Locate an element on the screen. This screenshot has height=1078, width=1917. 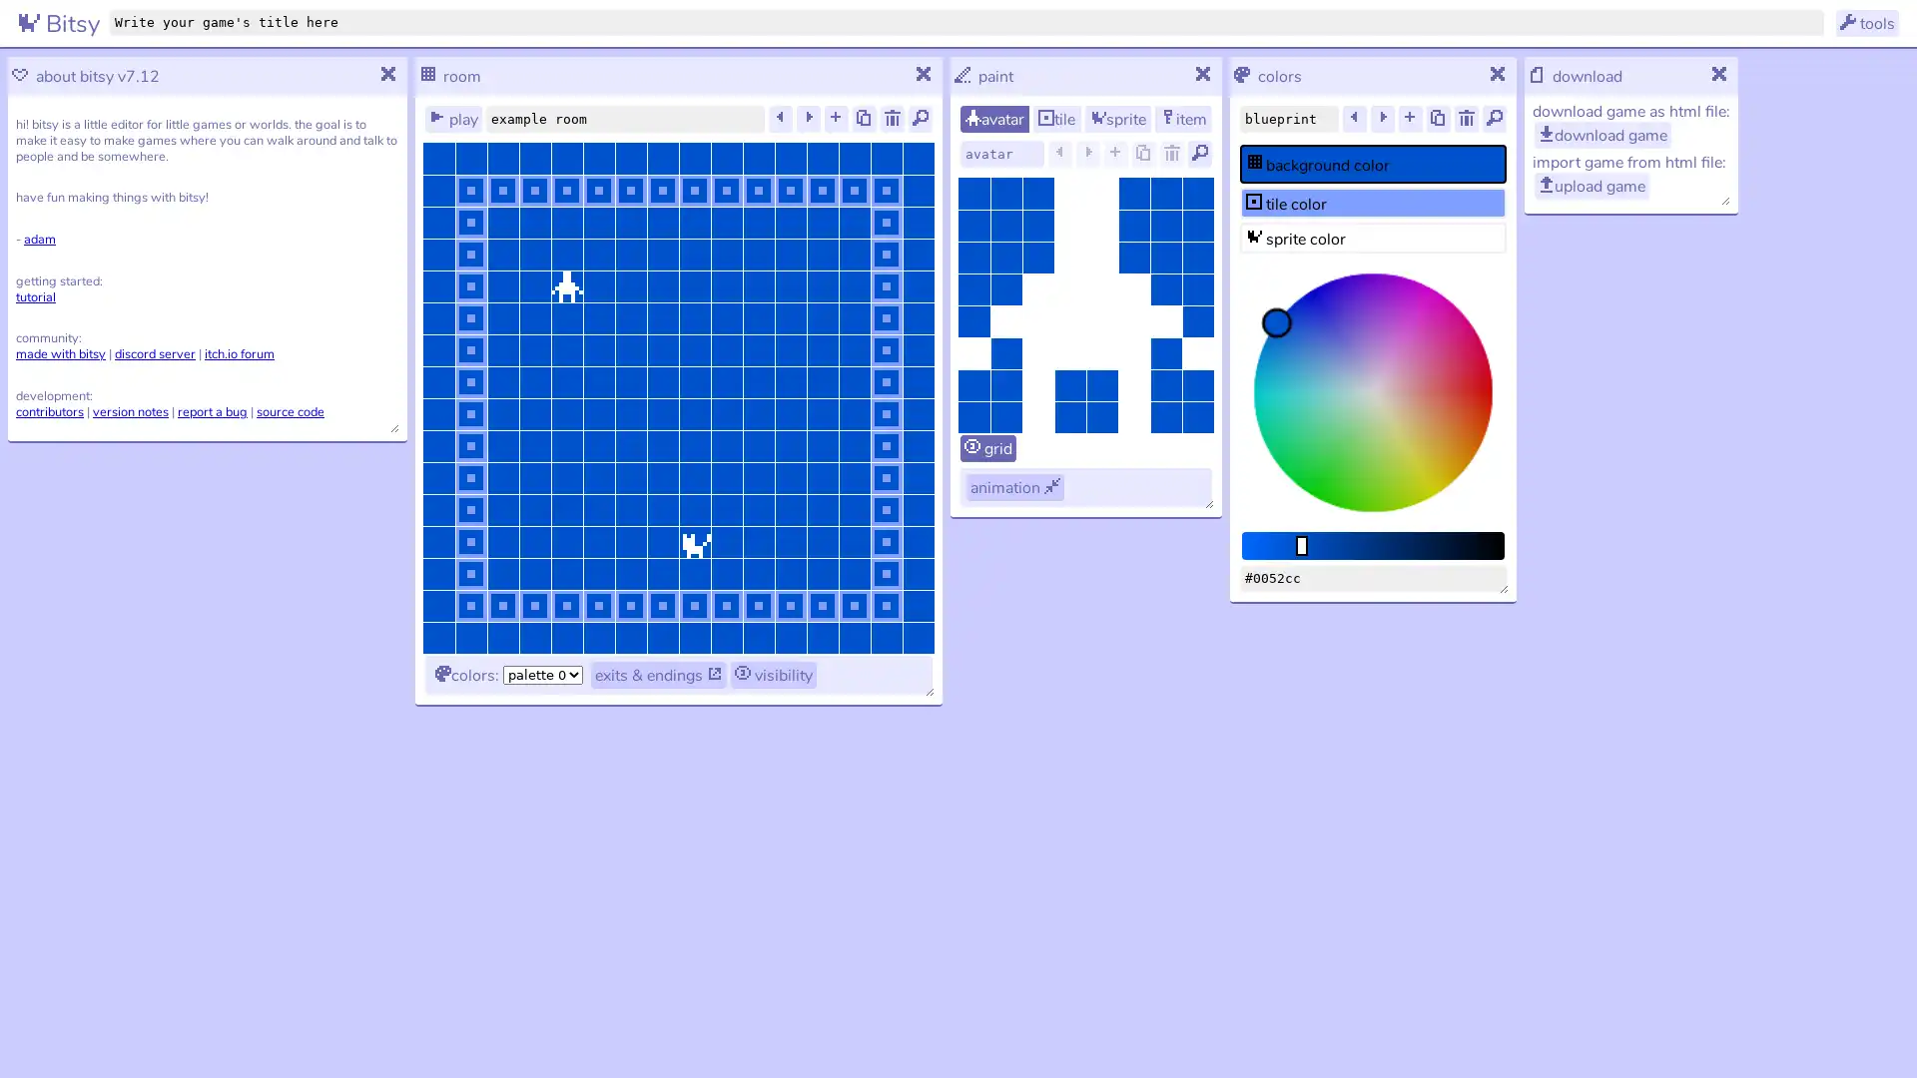
delete room is located at coordinates (891, 119).